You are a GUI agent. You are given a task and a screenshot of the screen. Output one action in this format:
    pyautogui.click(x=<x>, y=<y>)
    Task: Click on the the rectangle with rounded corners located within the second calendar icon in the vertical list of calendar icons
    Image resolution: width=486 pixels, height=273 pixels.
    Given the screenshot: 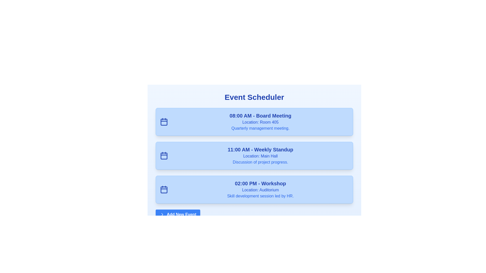 What is the action you would take?
    pyautogui.click(x=164, y=156)
    